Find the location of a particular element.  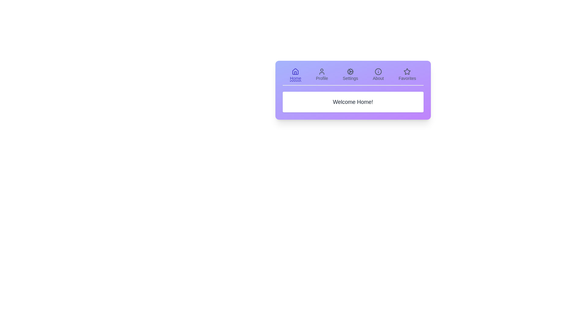

the tab labeled Home to switch to it is located at coordinates (295, 74).